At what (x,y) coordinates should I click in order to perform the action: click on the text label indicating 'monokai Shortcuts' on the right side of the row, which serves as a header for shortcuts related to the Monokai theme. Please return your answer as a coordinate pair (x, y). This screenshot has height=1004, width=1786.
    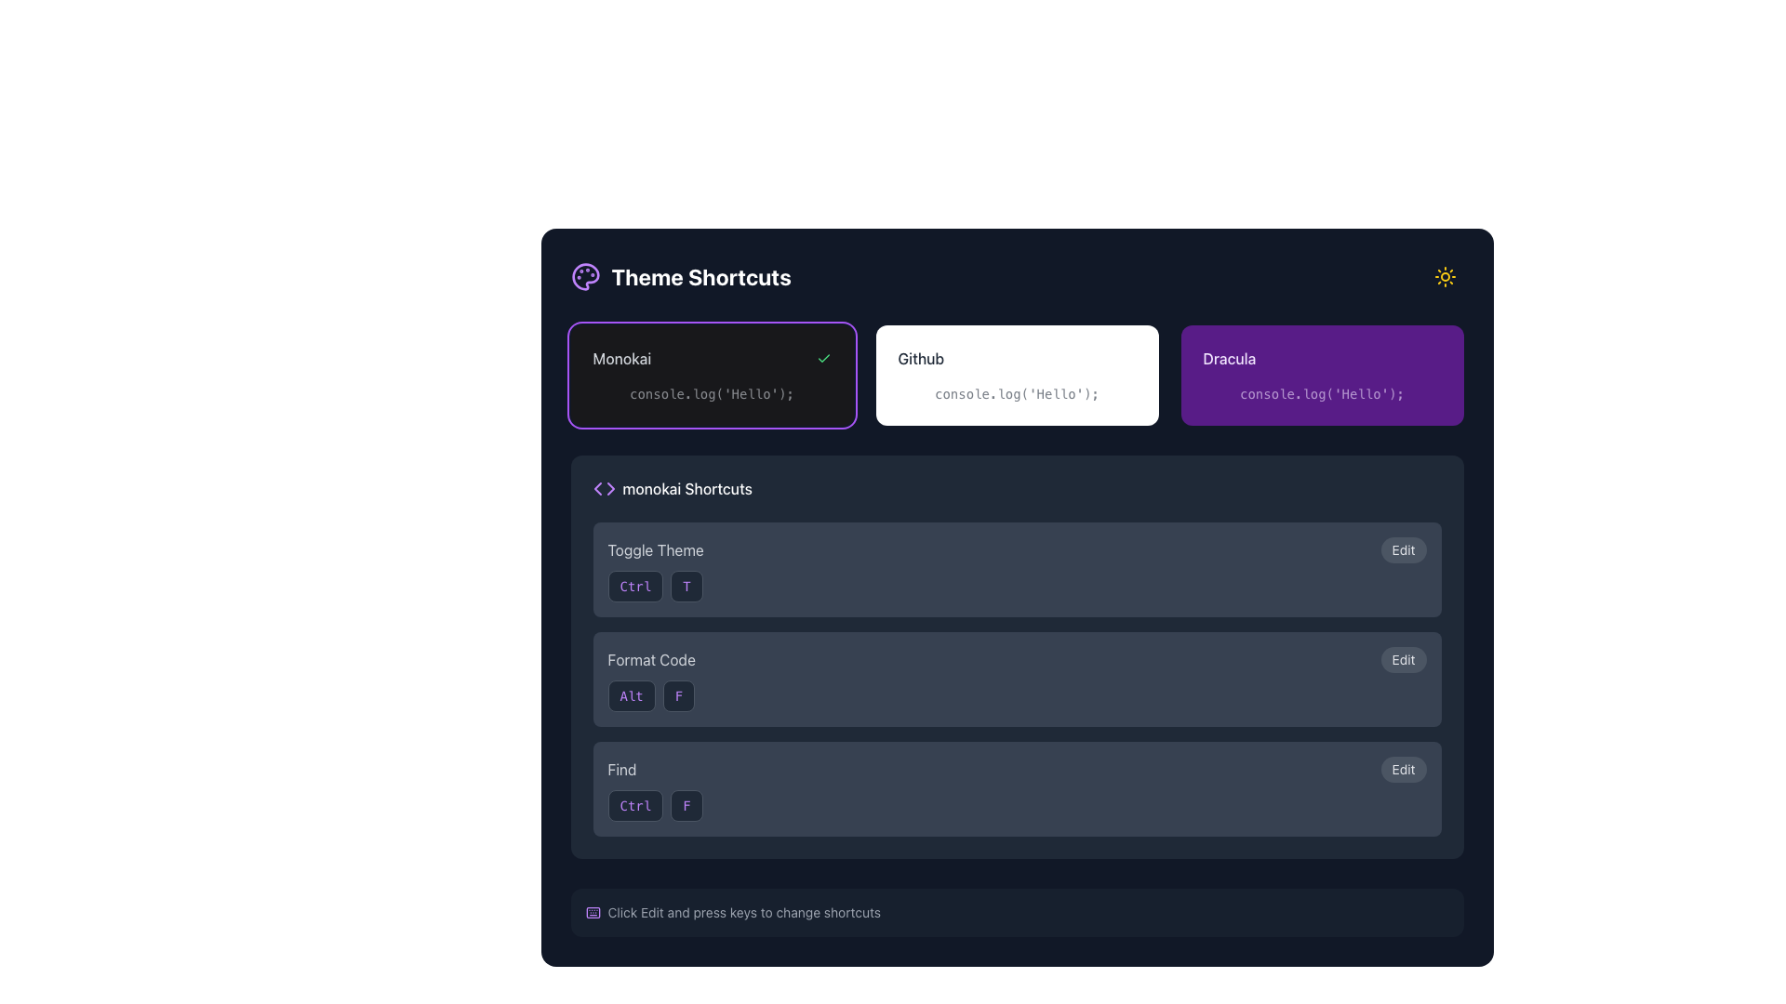
    Looking at the image, I should click on (686, 487).